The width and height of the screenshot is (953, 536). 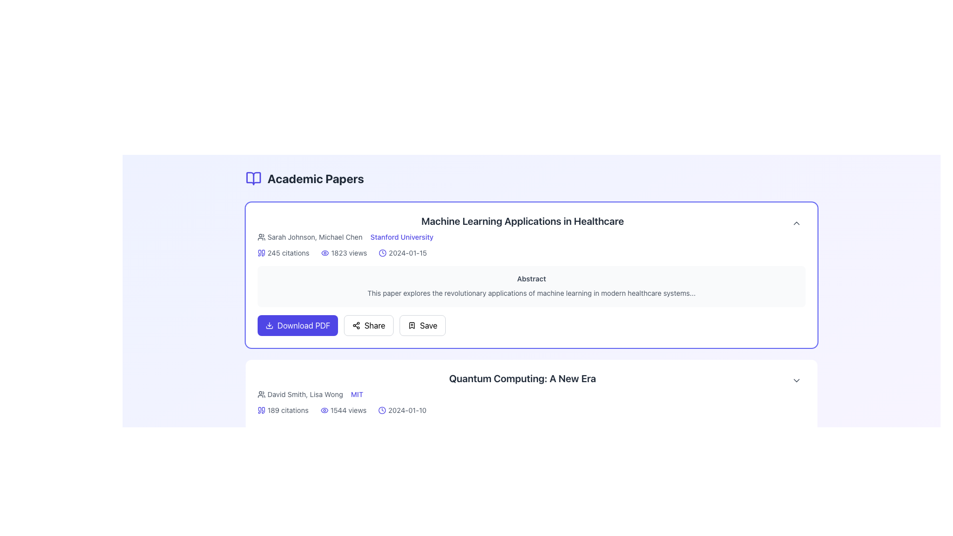 I want to click on the SVG circle element at the center of the clock-like icon, which is part of the first listed publication's metadata, located near interactive controls such as 'Download PDF' or 'Save', so click(x=382, y=252).